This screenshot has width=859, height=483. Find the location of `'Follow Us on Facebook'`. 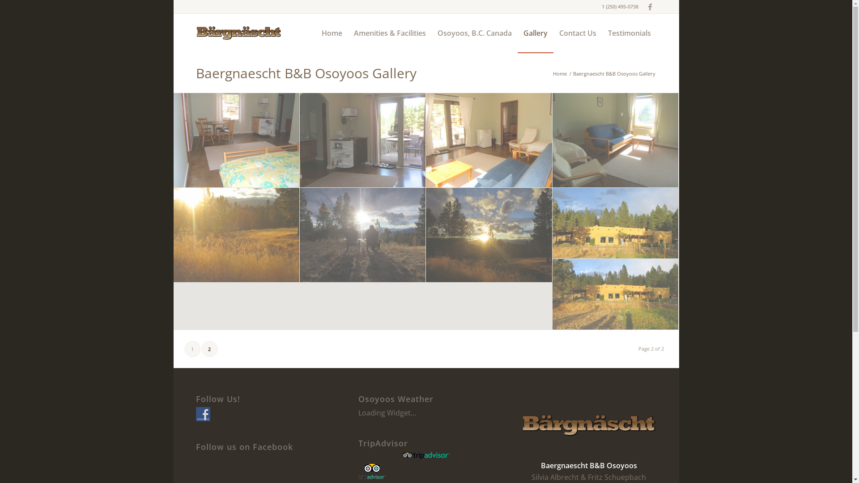

'Follow Us on Facebook' is located at coordinates (195, 414).